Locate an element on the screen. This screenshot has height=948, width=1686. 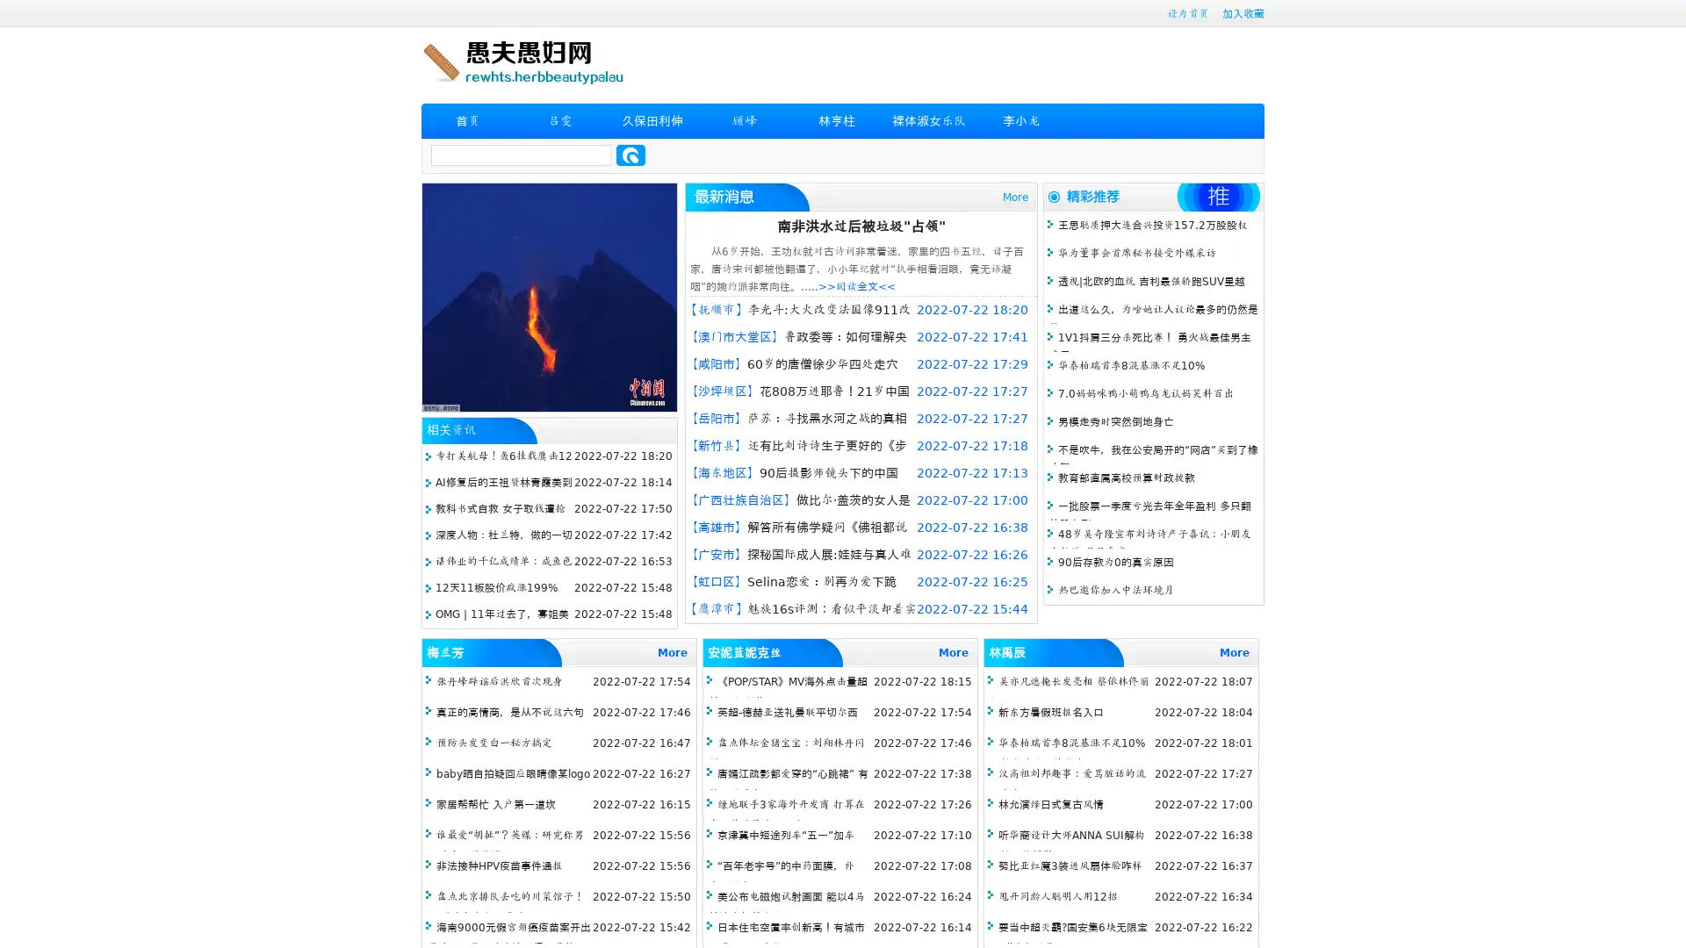
Search is located at coordinates (630, 154).